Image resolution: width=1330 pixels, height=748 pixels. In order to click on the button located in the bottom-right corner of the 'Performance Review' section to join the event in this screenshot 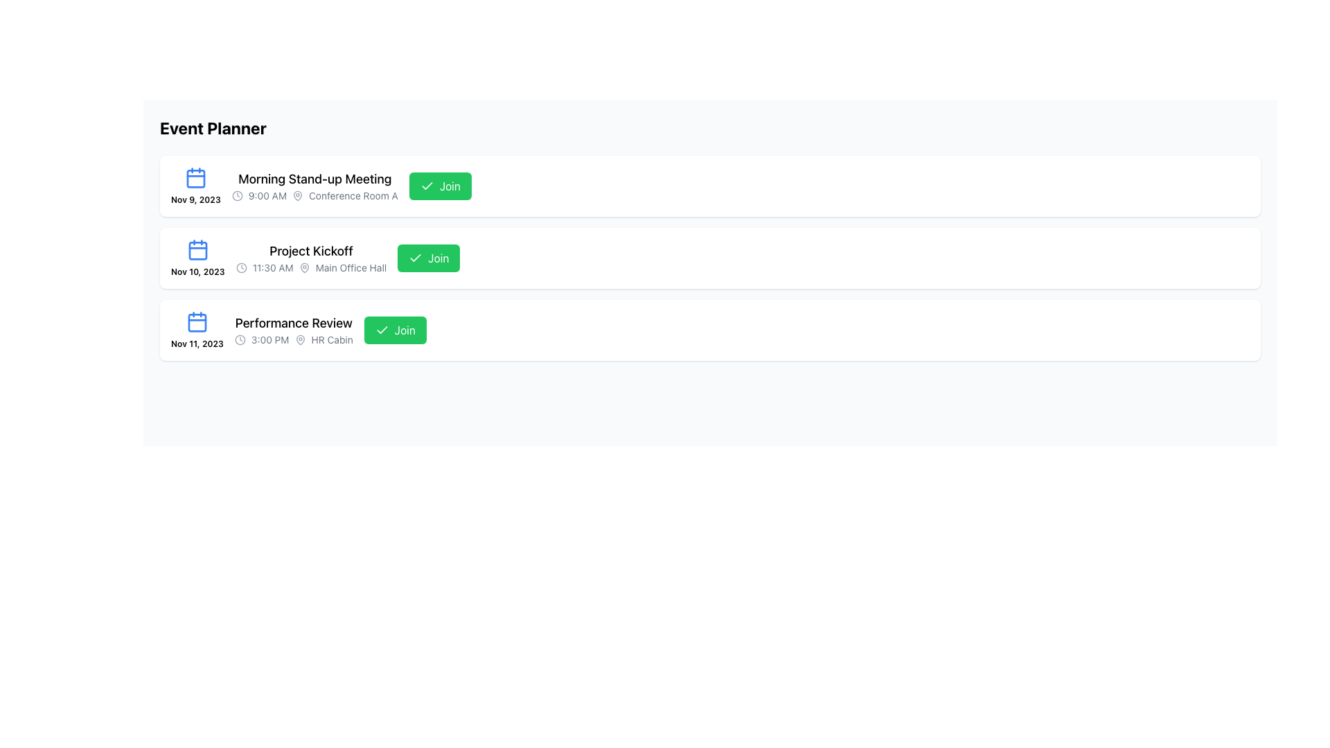, I will do `click(394, 330)`.